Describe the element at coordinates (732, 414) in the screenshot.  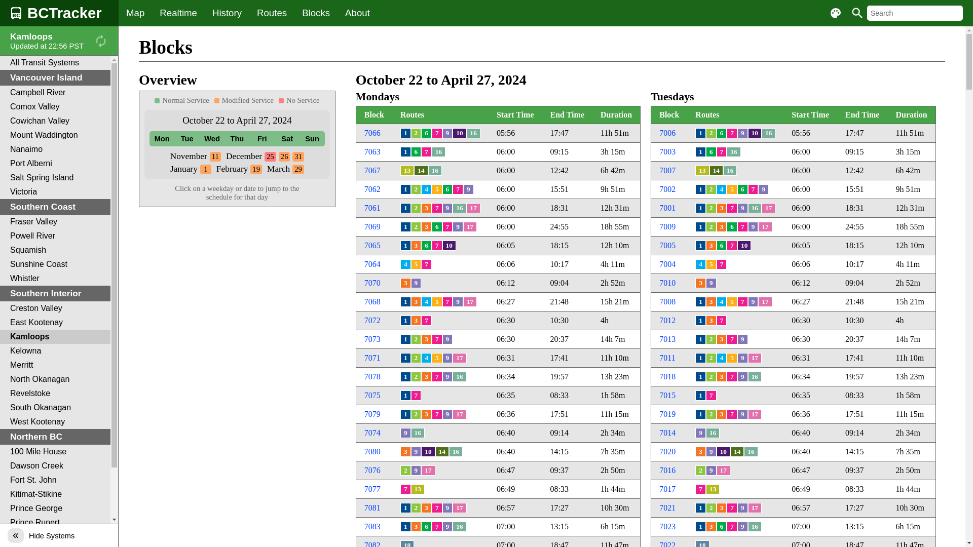
I see `'7'` at that location.